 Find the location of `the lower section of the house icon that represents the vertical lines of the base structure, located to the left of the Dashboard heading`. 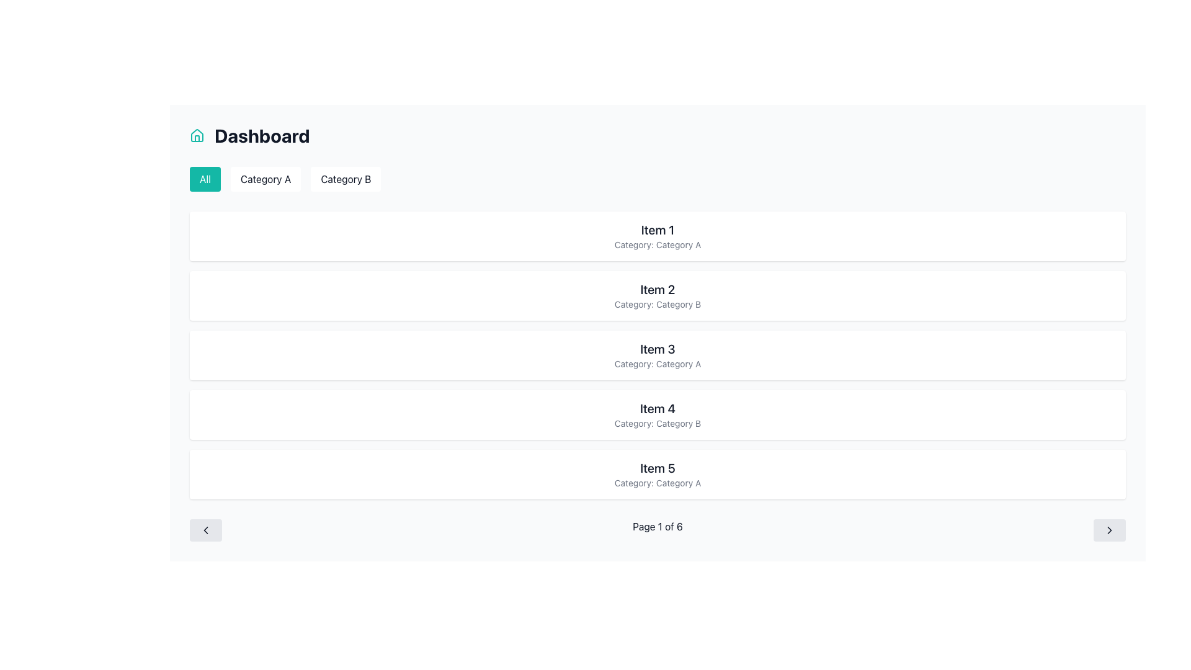

the lower section of the house icon that represents the vertical lines of the base structure, located to the left of the Dashboard heading is located at coordinates (196, 138).